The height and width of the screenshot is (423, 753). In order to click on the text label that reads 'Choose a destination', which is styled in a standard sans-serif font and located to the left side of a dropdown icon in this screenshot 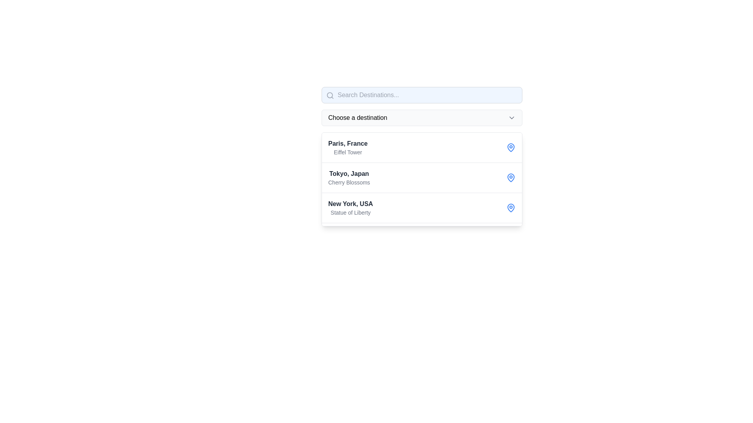, I will do `click(357, 117)`.